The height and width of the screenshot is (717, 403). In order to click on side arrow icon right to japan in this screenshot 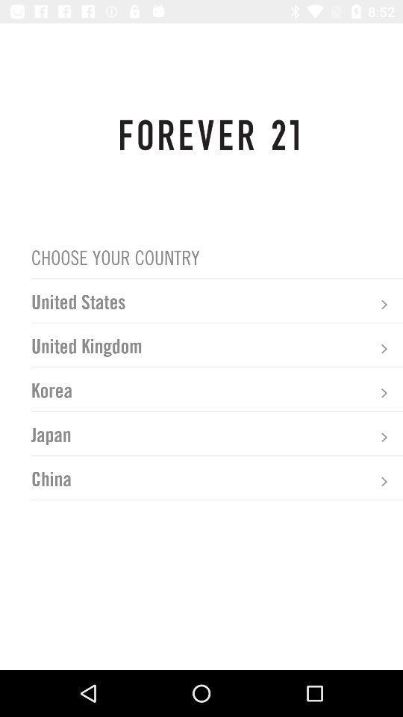, I will do `click(384, 437)`.